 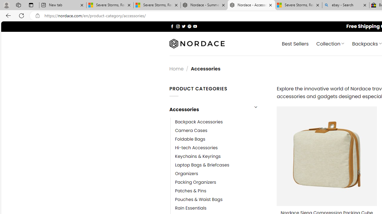 What do you see at coordinates (195, 182) in the screenshot?
I see `'Packing Organizers'` at bounding box center [195, 182].